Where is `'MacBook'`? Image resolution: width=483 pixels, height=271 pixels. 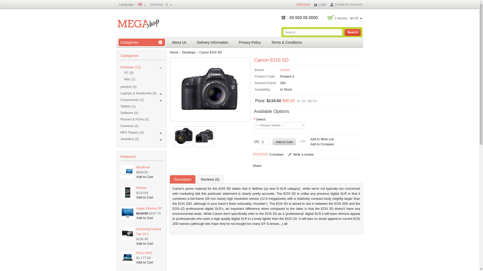 'MacBook' is located at coordinates (149, 167).